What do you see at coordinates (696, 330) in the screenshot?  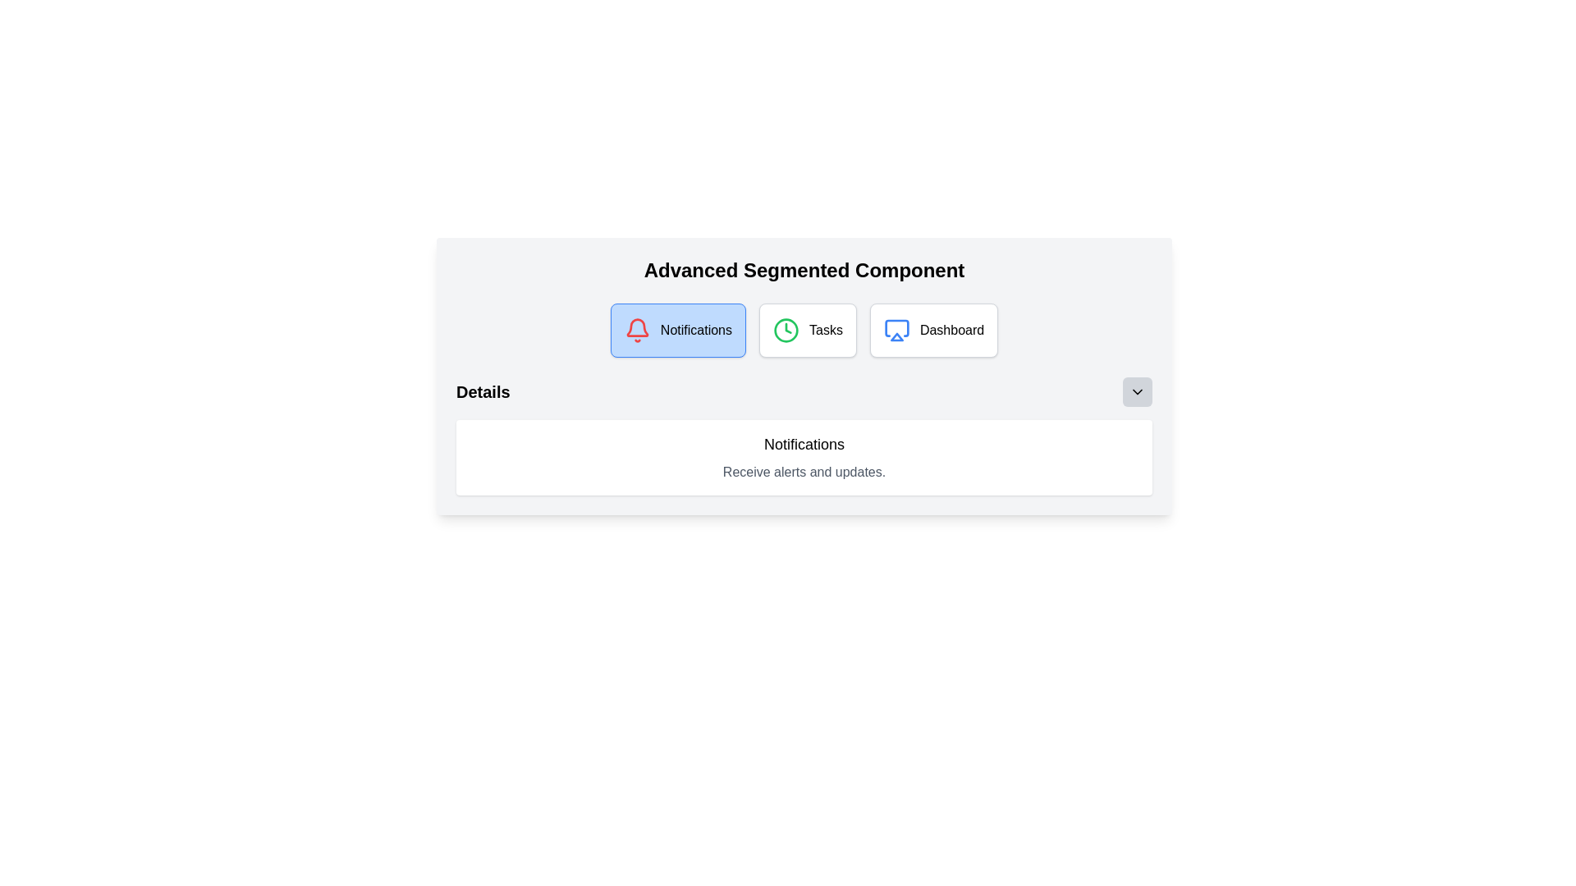 I see `the text label that describes the associated button's functionality for accessing the notifications section, located to the left of the 'Tasks' and 'Dashboard' buttons` at bounding box center [696, 330].